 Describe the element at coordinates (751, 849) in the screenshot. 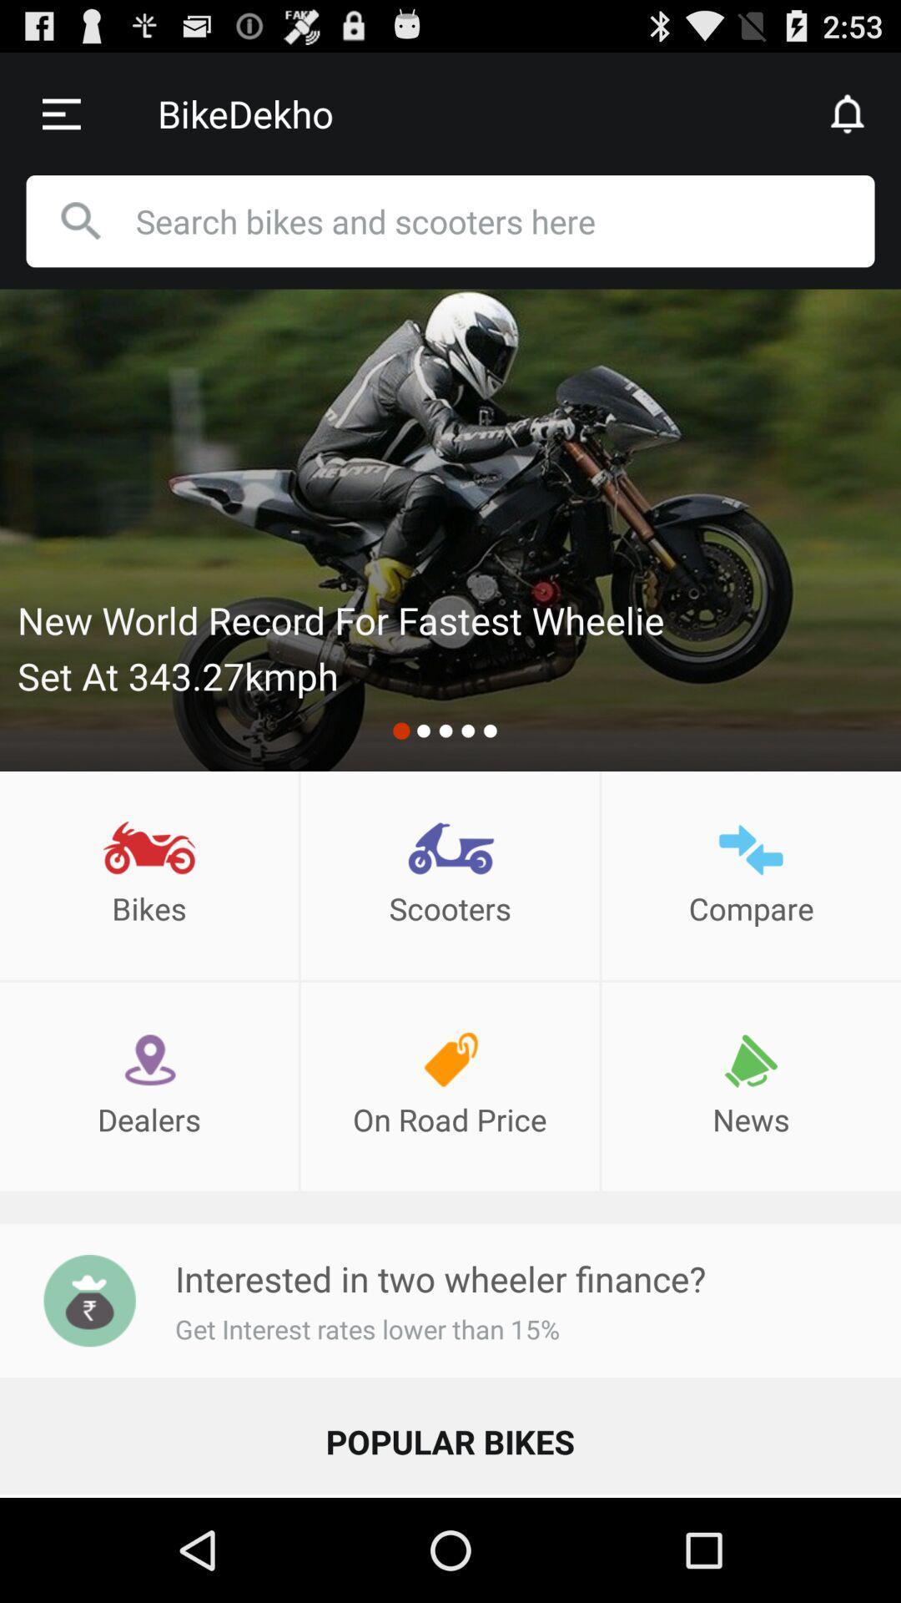

I see `the icon above compare` at that location.